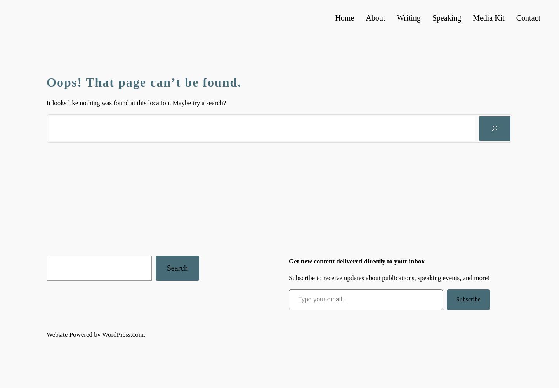  Describe the element at coordinates (528, 18) in the screenshot. I see `'Contact'` at that location.